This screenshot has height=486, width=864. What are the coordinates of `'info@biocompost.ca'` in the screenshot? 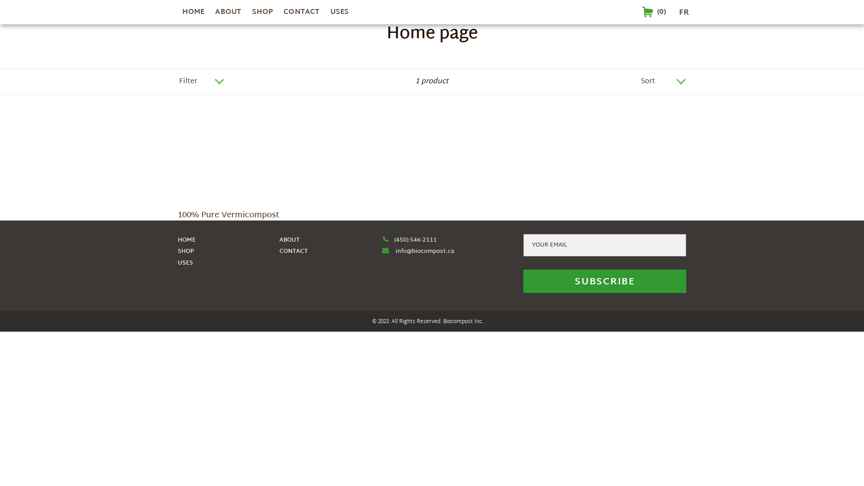 It's located at (424, 252).